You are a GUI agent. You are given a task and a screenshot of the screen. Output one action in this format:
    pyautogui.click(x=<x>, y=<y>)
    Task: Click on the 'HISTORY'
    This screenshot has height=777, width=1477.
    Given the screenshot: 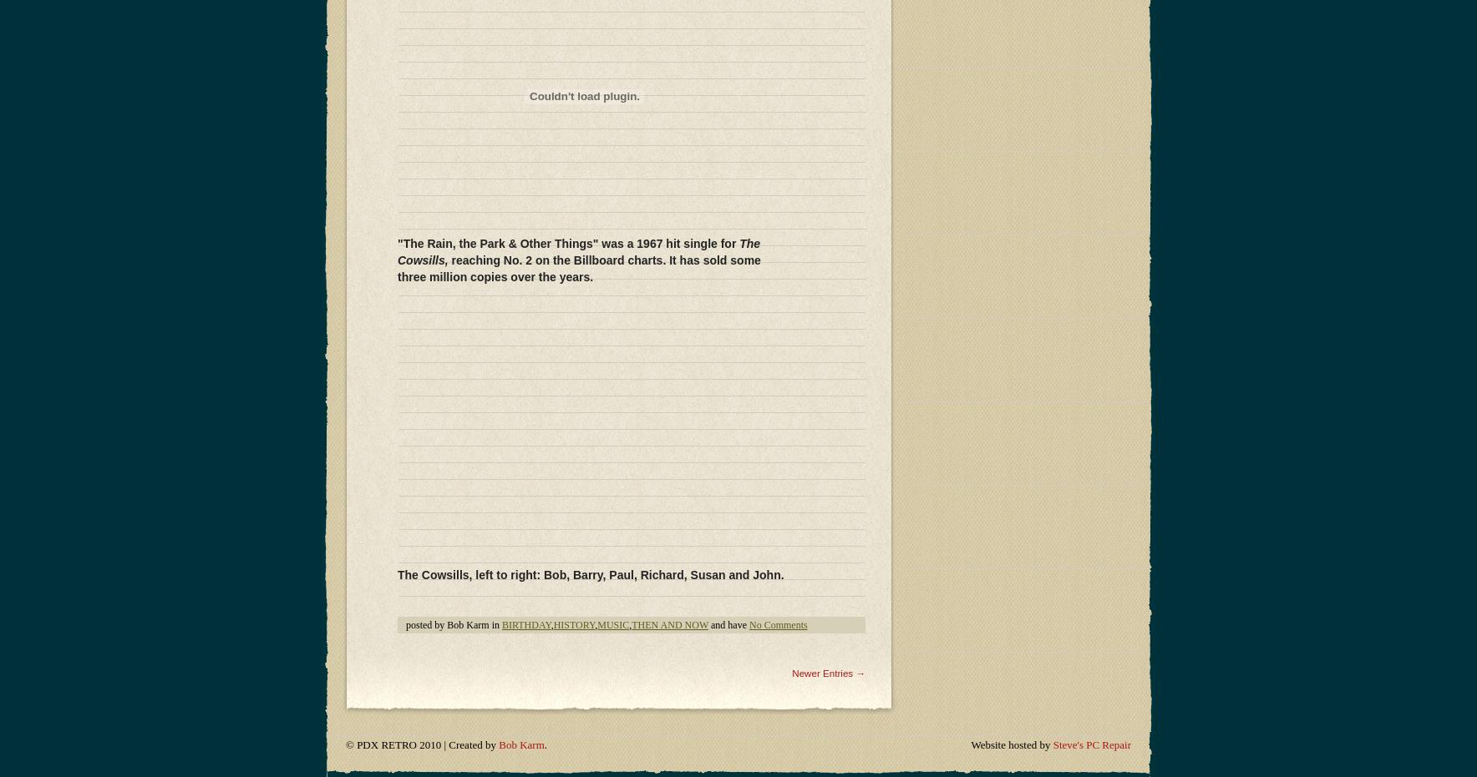 What is the action you would take?
    pyautogui.click(x=574, y=213)
    